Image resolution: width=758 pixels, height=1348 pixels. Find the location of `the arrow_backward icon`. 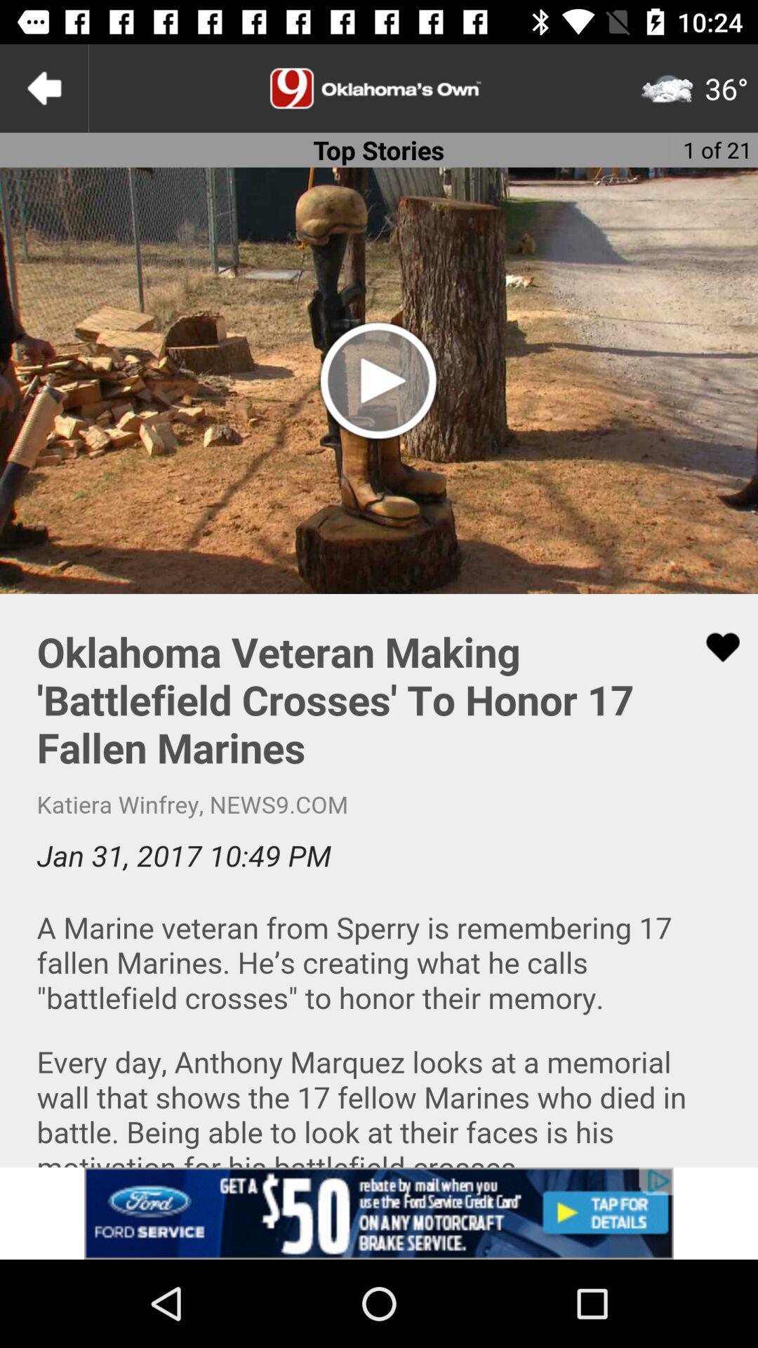

the arrow_backward icon is located at coordinates (43, 87).